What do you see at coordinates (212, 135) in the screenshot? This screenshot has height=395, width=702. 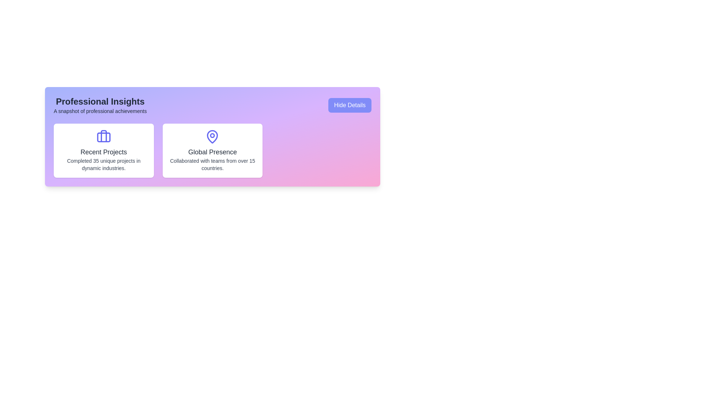 I see `the decorative graphic component (circle) of the map pin icon located in the middle section of the 'Global Presence' card, which is positioned on the right side of the layout below the 'Professional Insights' subtitle` at bounding box center [212, 135].